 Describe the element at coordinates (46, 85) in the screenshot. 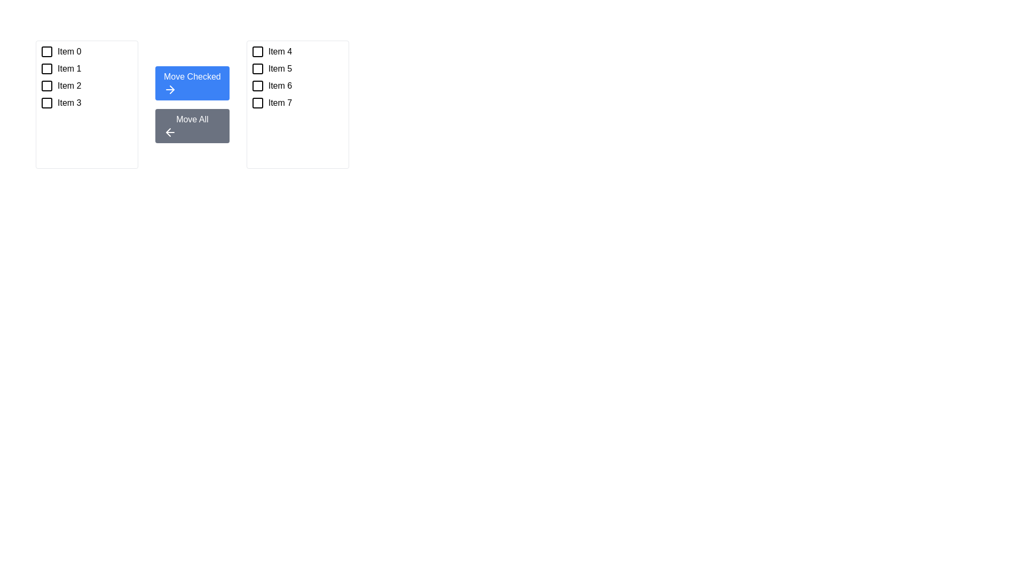

I see `the checkbox located to the left of the text 'Item 2', which is styled as an outlined box with a thin black border` at that location.